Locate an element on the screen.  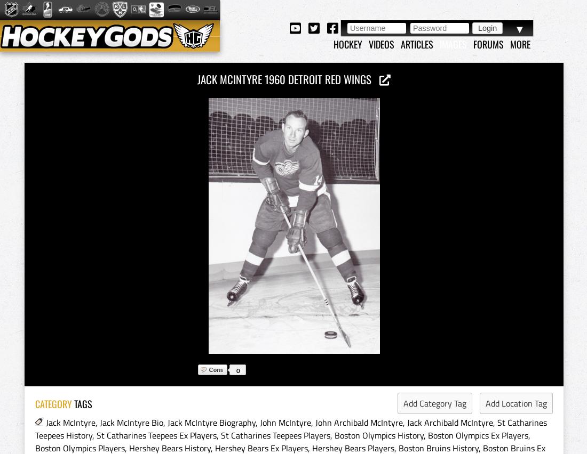
'TAGS' is located at coordinates (82, 404).